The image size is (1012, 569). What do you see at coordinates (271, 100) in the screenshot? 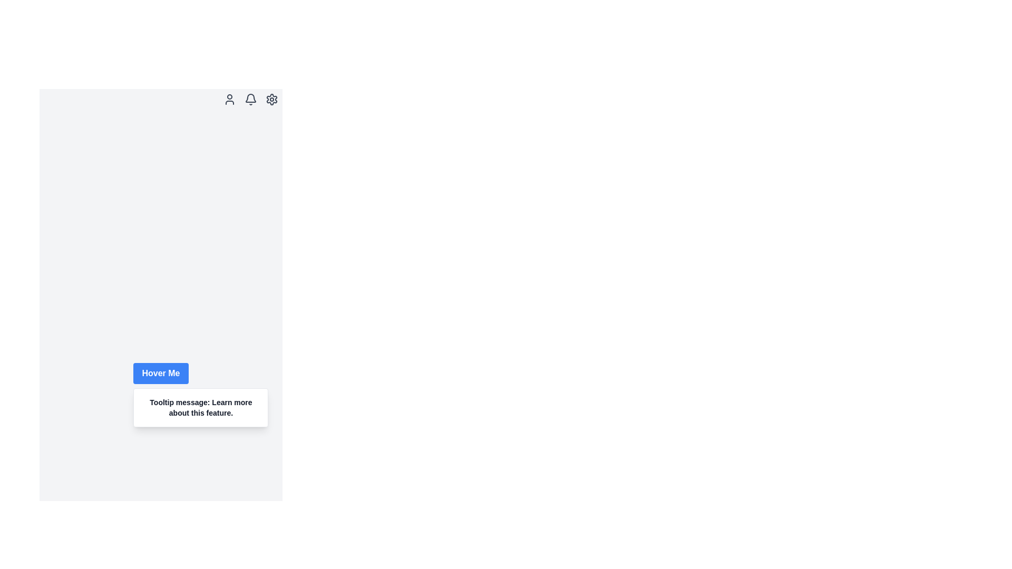
I see `the gear icon located in the top-right corner of the interface` at bounding box center [271, 100].